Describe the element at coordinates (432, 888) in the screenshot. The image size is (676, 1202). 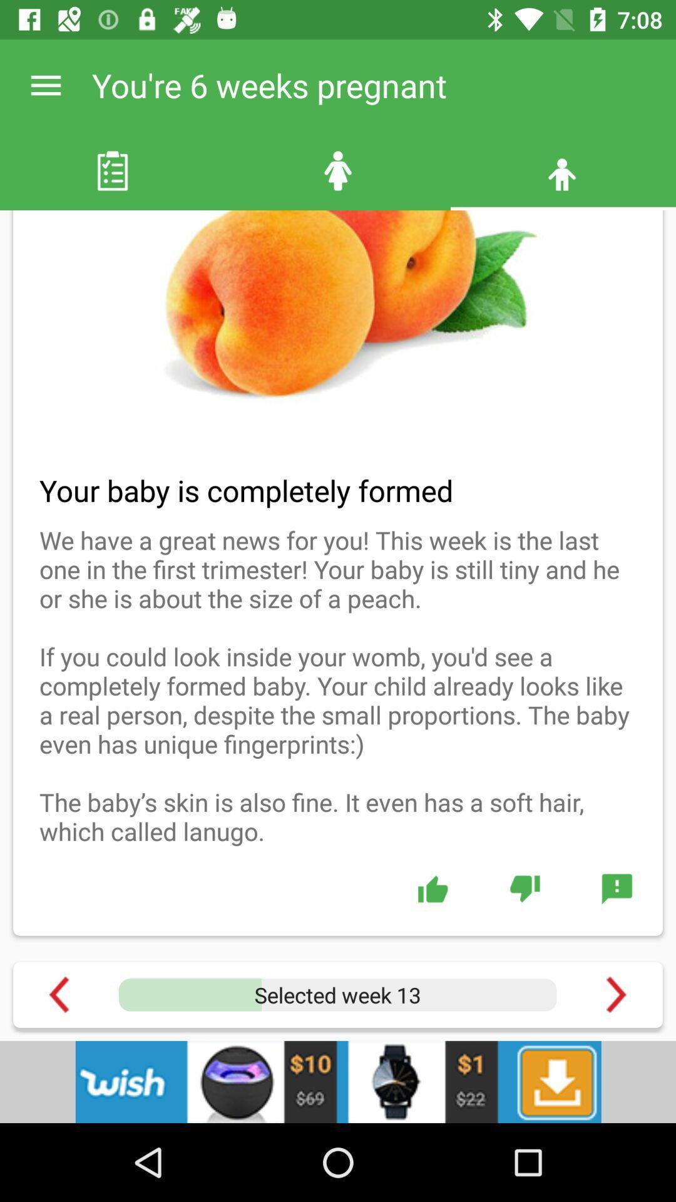
I see `like button` at that location.